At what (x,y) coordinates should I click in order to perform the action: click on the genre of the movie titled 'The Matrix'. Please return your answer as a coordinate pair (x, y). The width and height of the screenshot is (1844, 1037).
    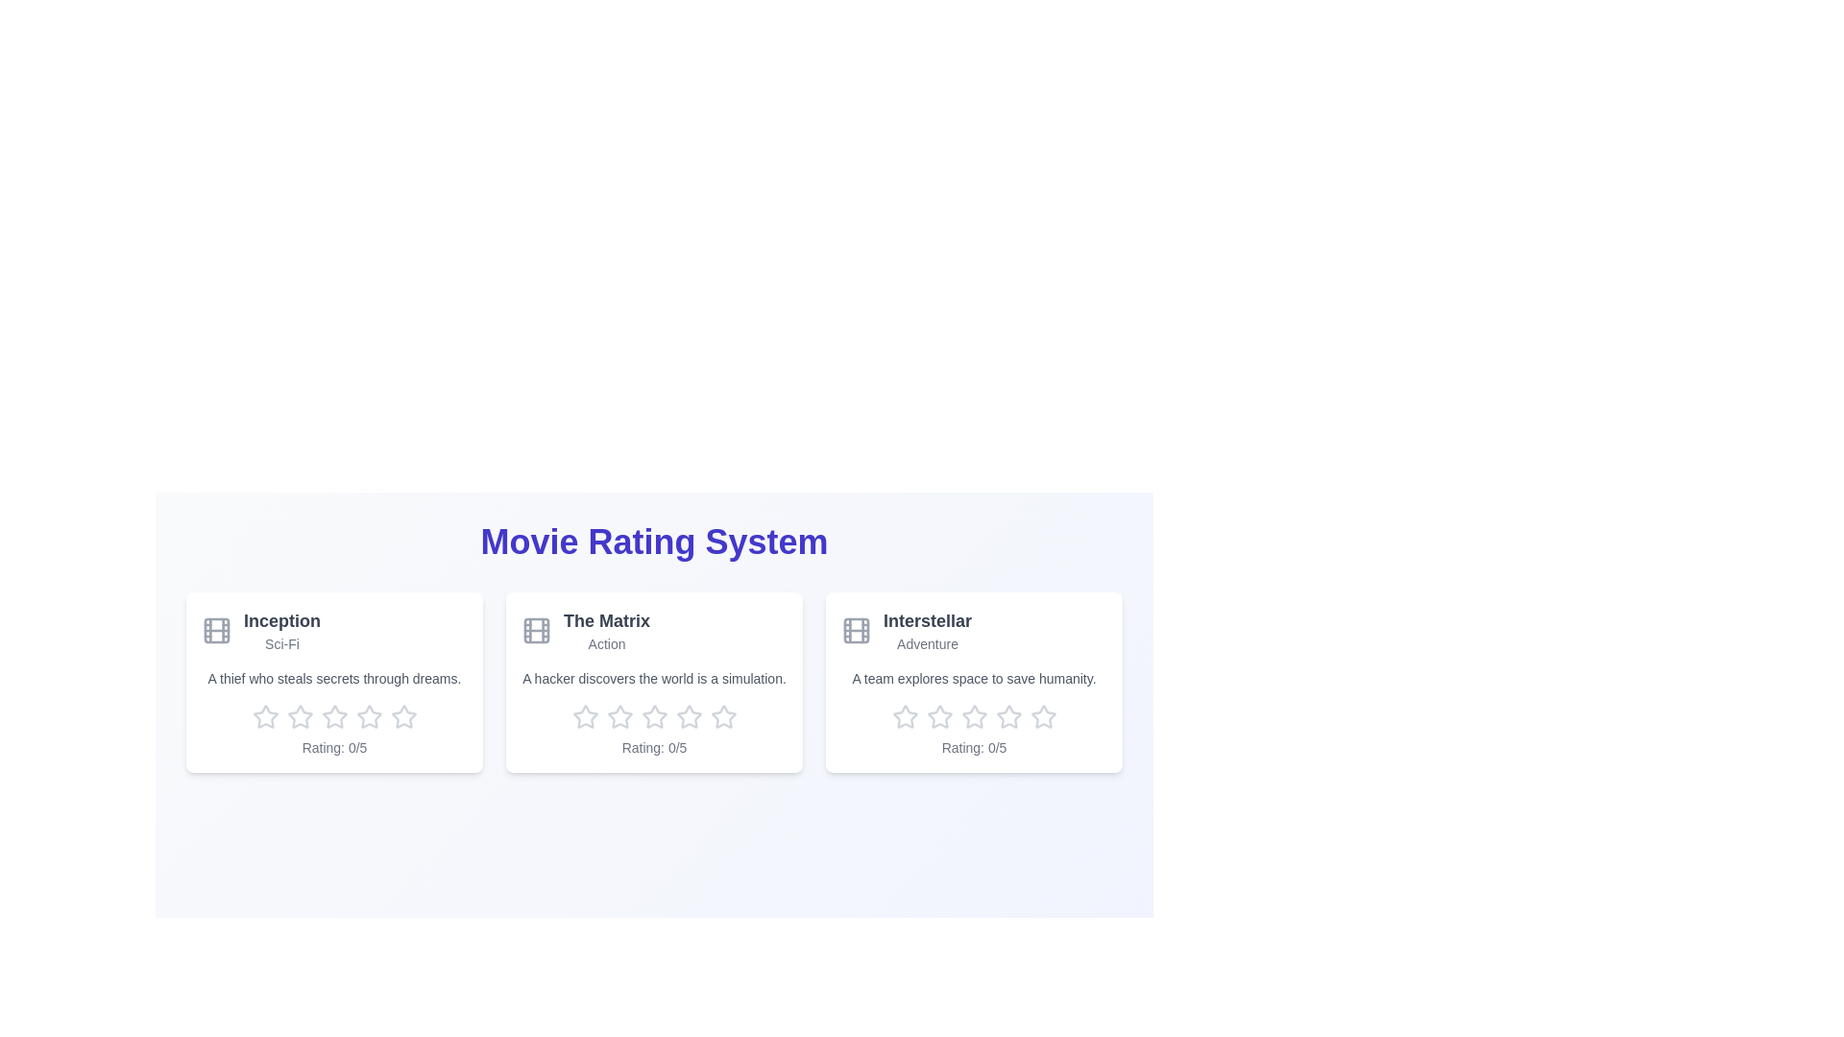
    Looking at the image, I should click on (606, 644).